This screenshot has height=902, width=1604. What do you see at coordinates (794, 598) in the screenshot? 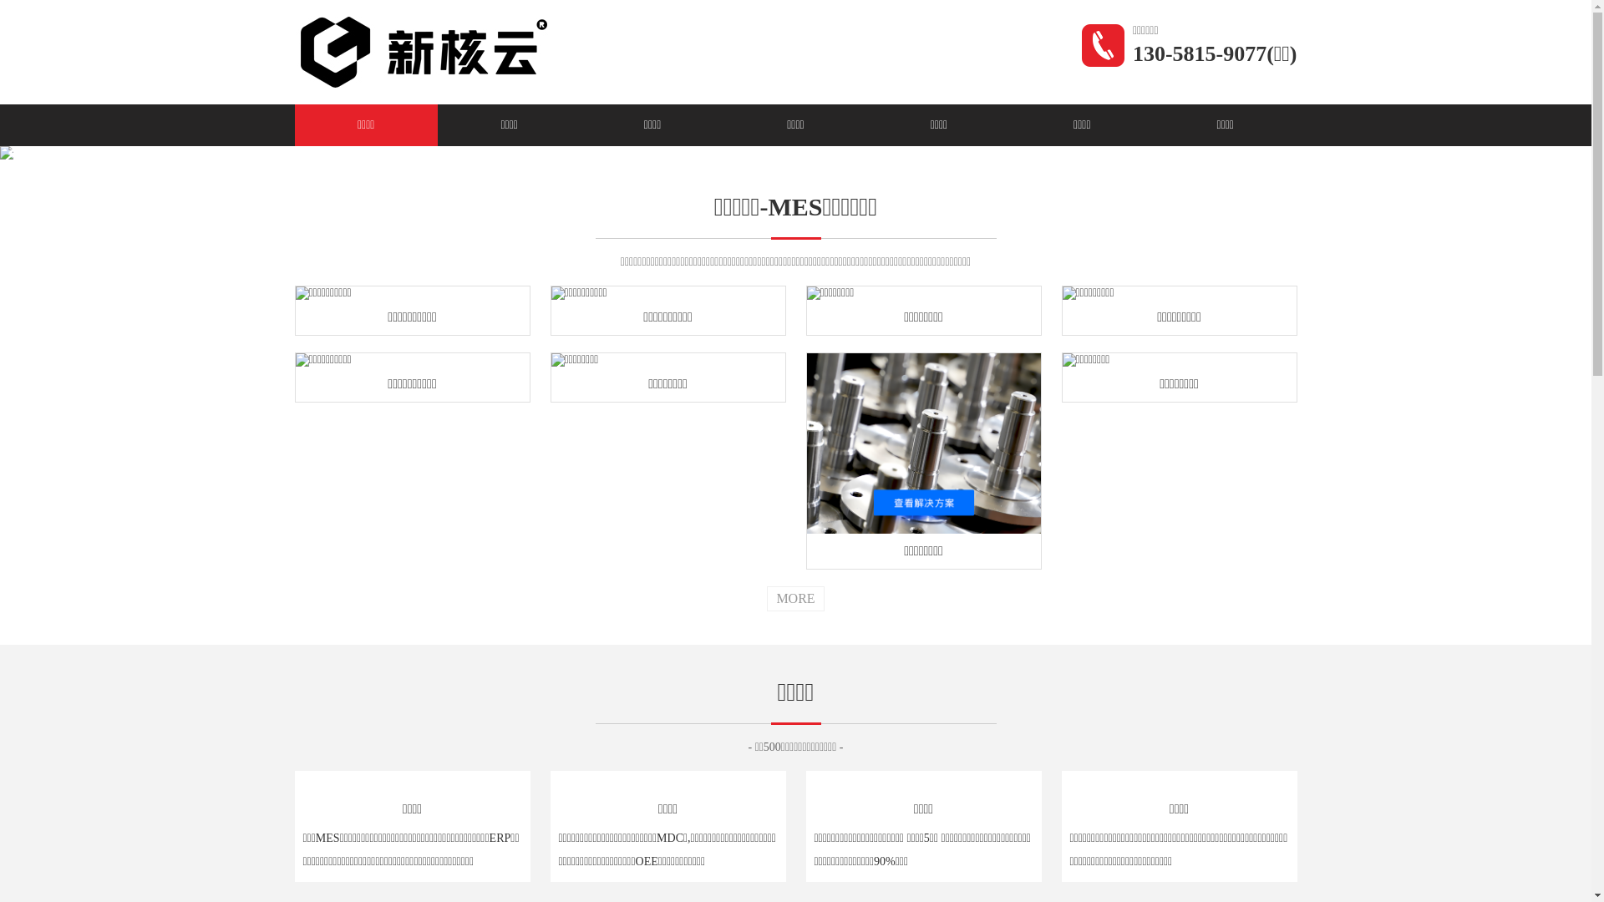
I see `'MORE'` at bounding box center [794, 598].